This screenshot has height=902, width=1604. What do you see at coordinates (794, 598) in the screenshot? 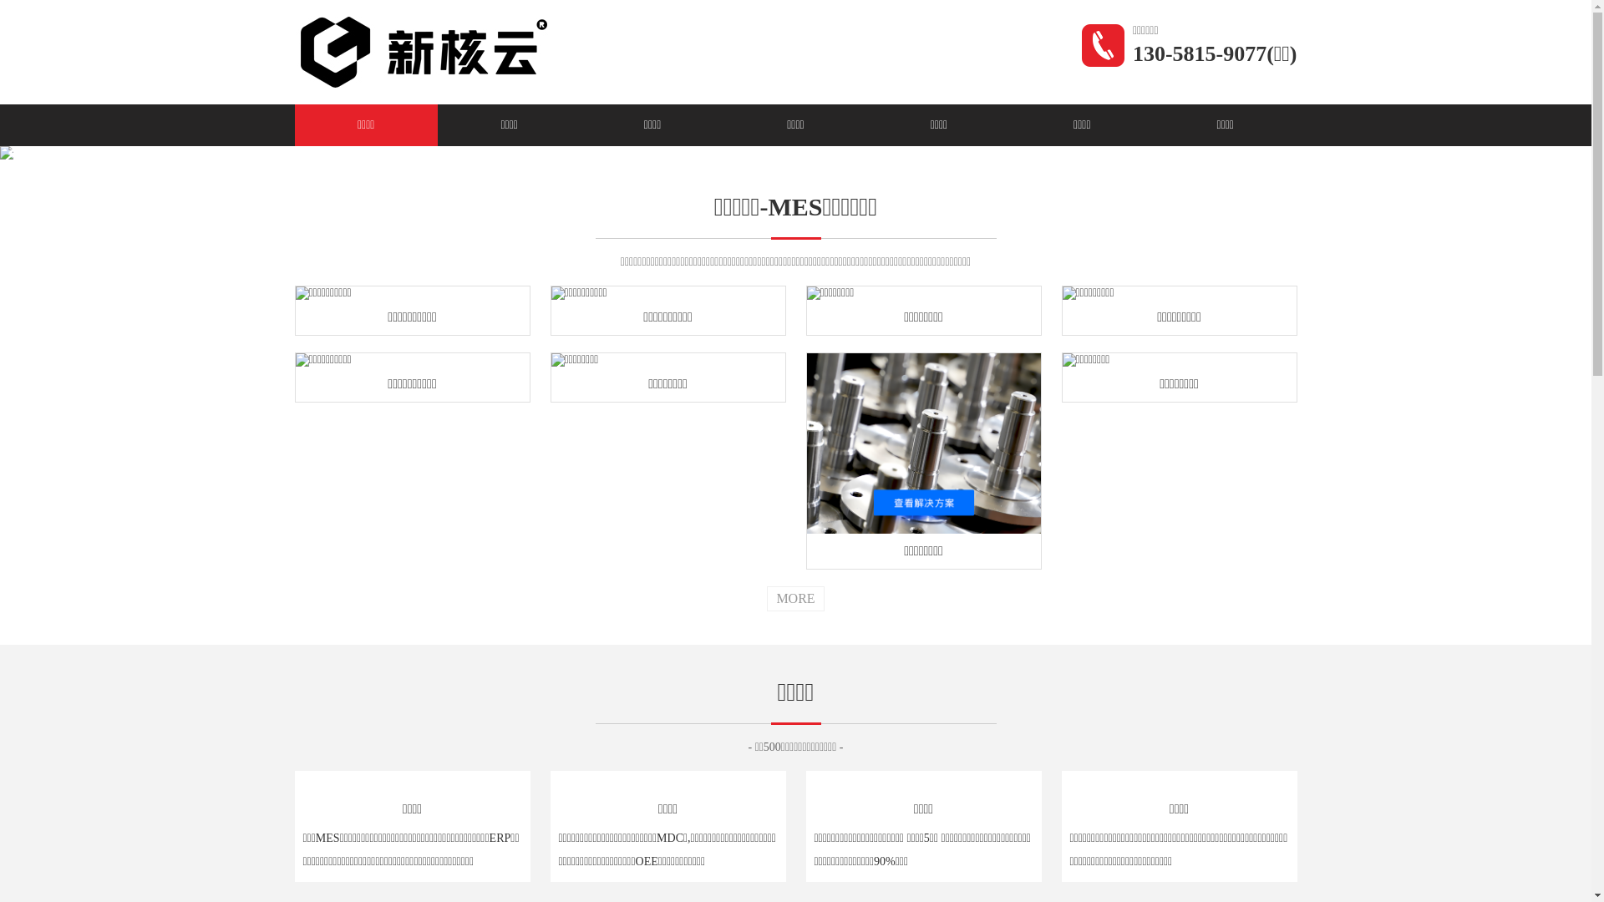
I see `'MORE'` at bounding box center [794, 598].